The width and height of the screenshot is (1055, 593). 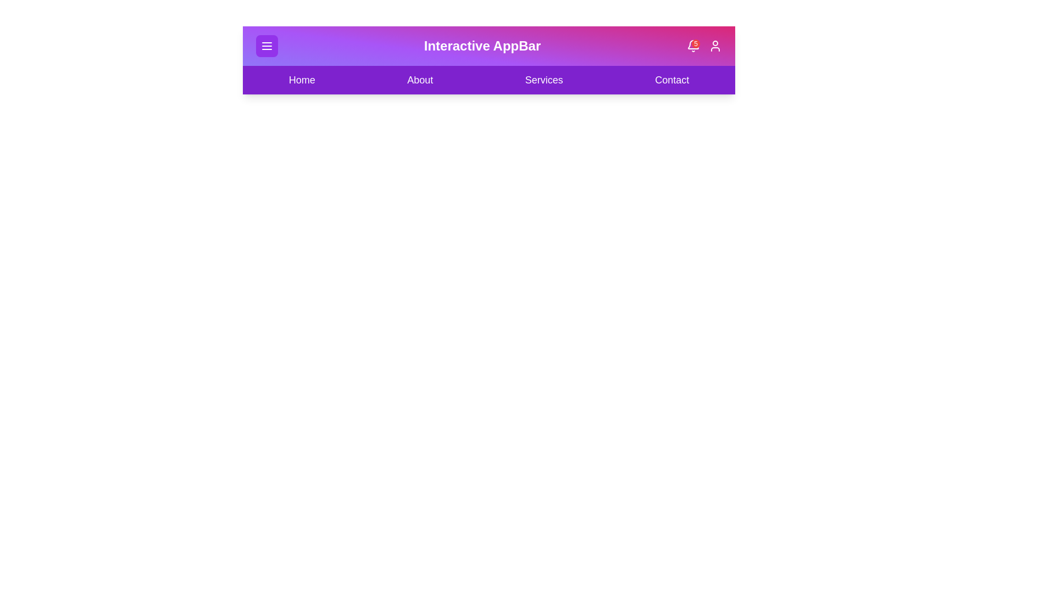 What do you see at coordinates (671, 80) in the screenshot?
I see `the navigation menu item Contact` at bounding box center [671, 80].